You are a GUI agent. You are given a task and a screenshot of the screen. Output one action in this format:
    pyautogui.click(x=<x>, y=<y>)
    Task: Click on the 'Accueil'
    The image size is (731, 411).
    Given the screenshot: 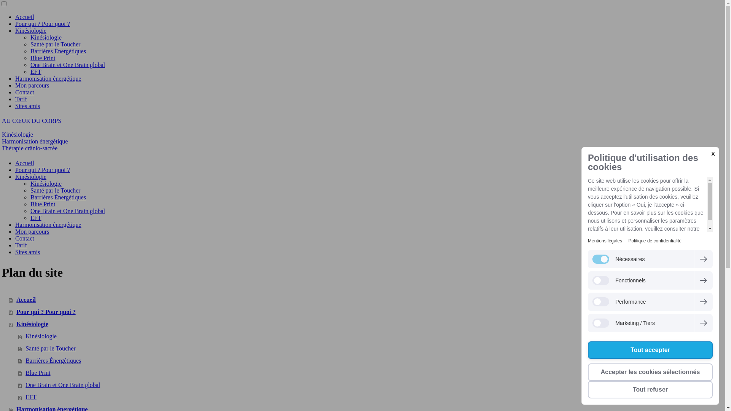 What is the action you would take?
    pyautogui.click(x=15, y=162)
    